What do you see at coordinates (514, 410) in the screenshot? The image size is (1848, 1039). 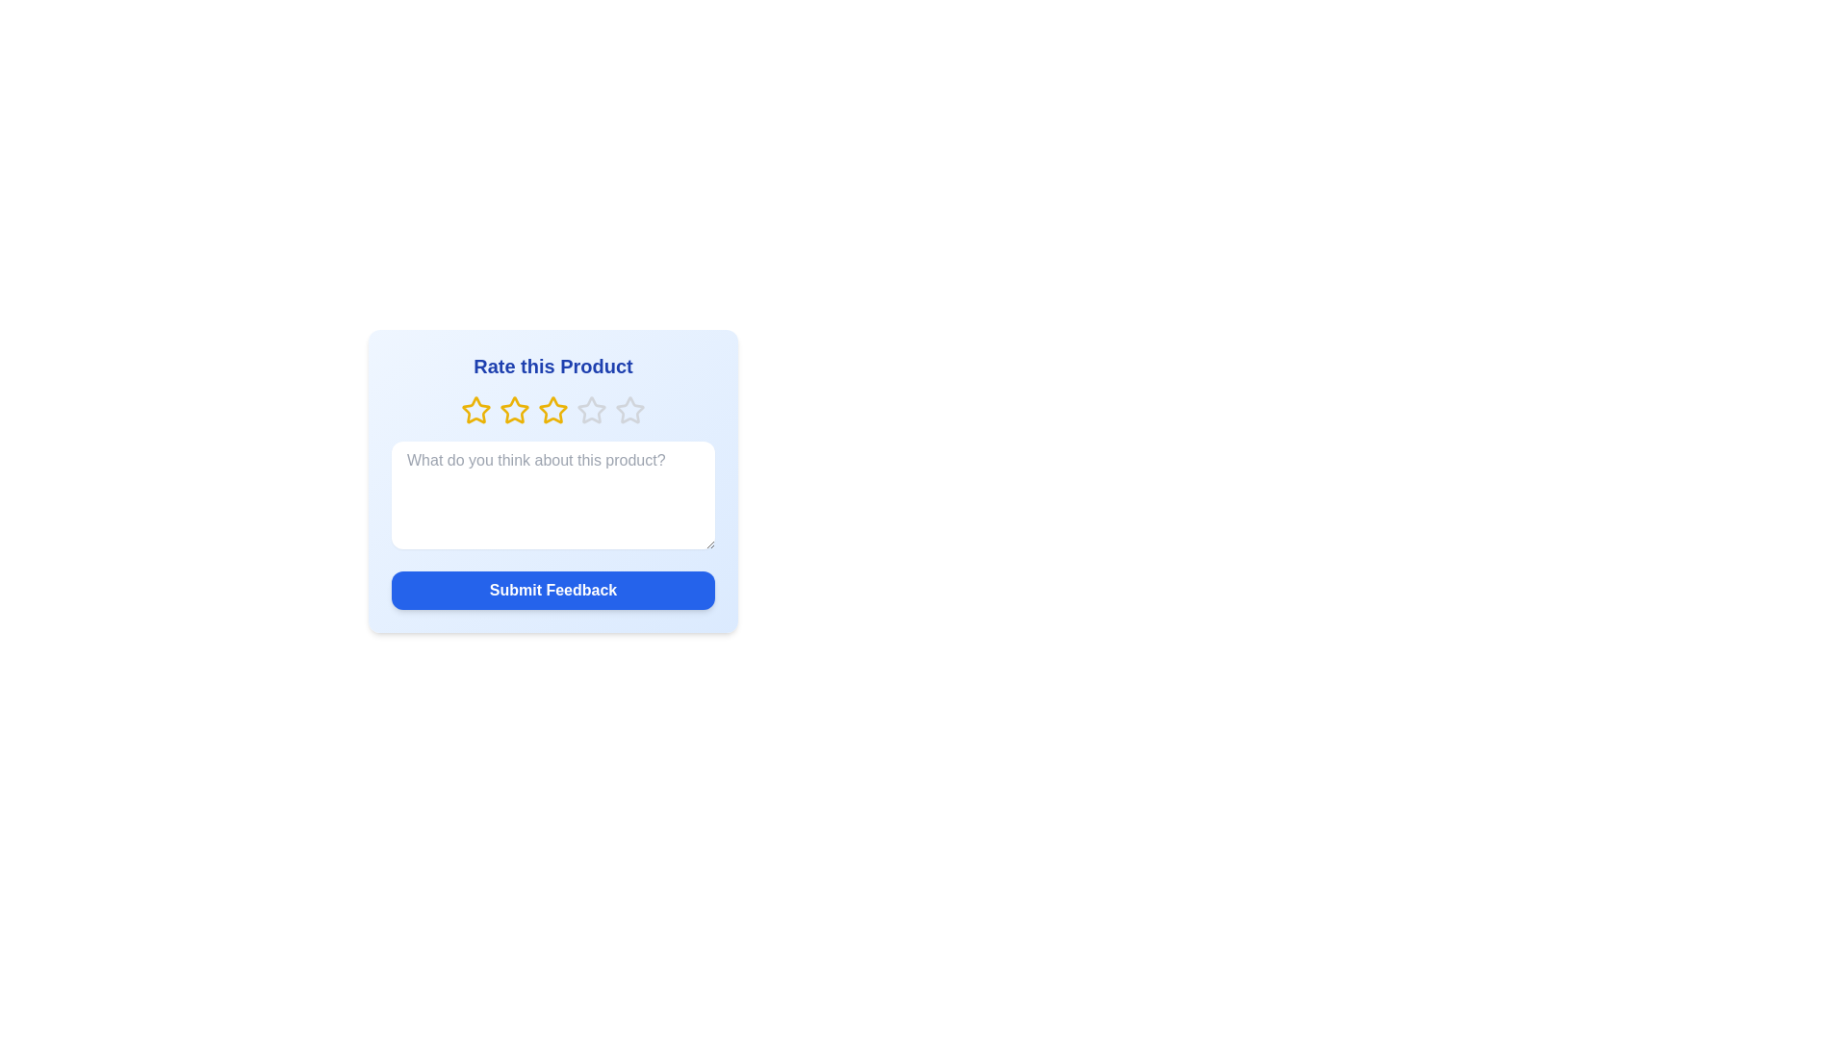 I see `the third star icon in the rating system` at bounding box center [514, 410].